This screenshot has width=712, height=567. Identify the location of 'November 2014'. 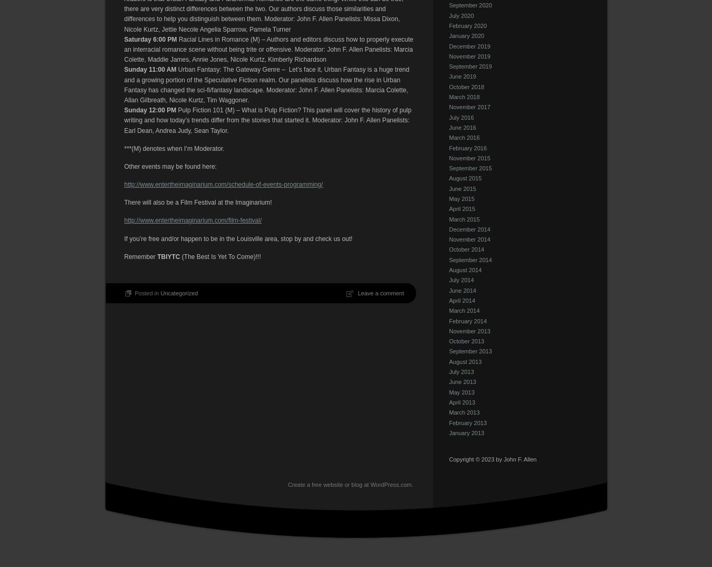
(469, 239).